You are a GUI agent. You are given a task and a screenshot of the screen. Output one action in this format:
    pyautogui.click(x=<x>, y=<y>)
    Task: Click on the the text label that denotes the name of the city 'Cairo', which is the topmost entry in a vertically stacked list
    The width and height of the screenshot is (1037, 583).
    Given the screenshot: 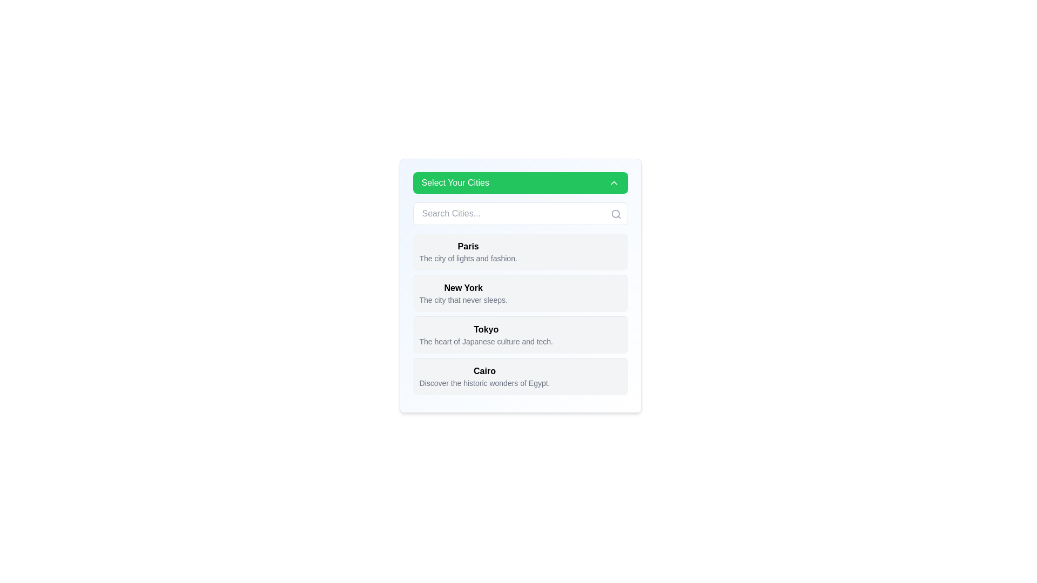 What is the action you would take?
    pyautogui.click(x=484, y=370)
    